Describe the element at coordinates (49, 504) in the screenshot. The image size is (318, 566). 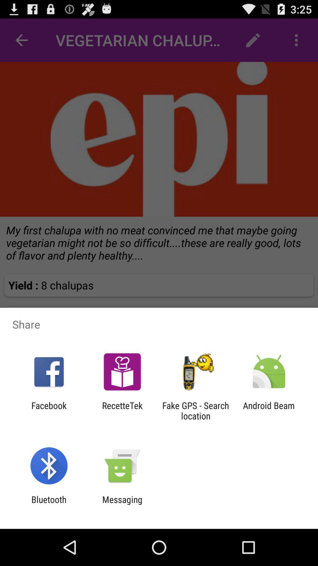
I see `the bluetooth` at that location.